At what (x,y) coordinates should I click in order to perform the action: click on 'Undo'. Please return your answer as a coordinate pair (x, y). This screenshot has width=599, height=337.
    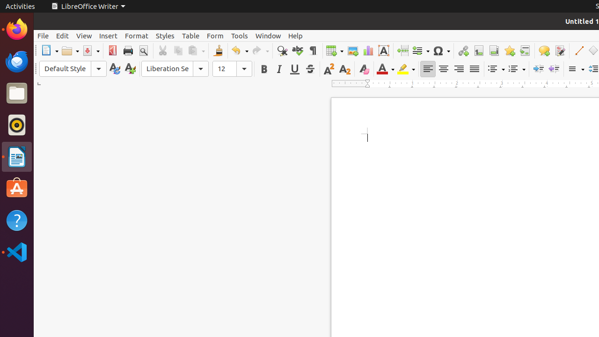
    Looking at the image, I should click on (240, 51).